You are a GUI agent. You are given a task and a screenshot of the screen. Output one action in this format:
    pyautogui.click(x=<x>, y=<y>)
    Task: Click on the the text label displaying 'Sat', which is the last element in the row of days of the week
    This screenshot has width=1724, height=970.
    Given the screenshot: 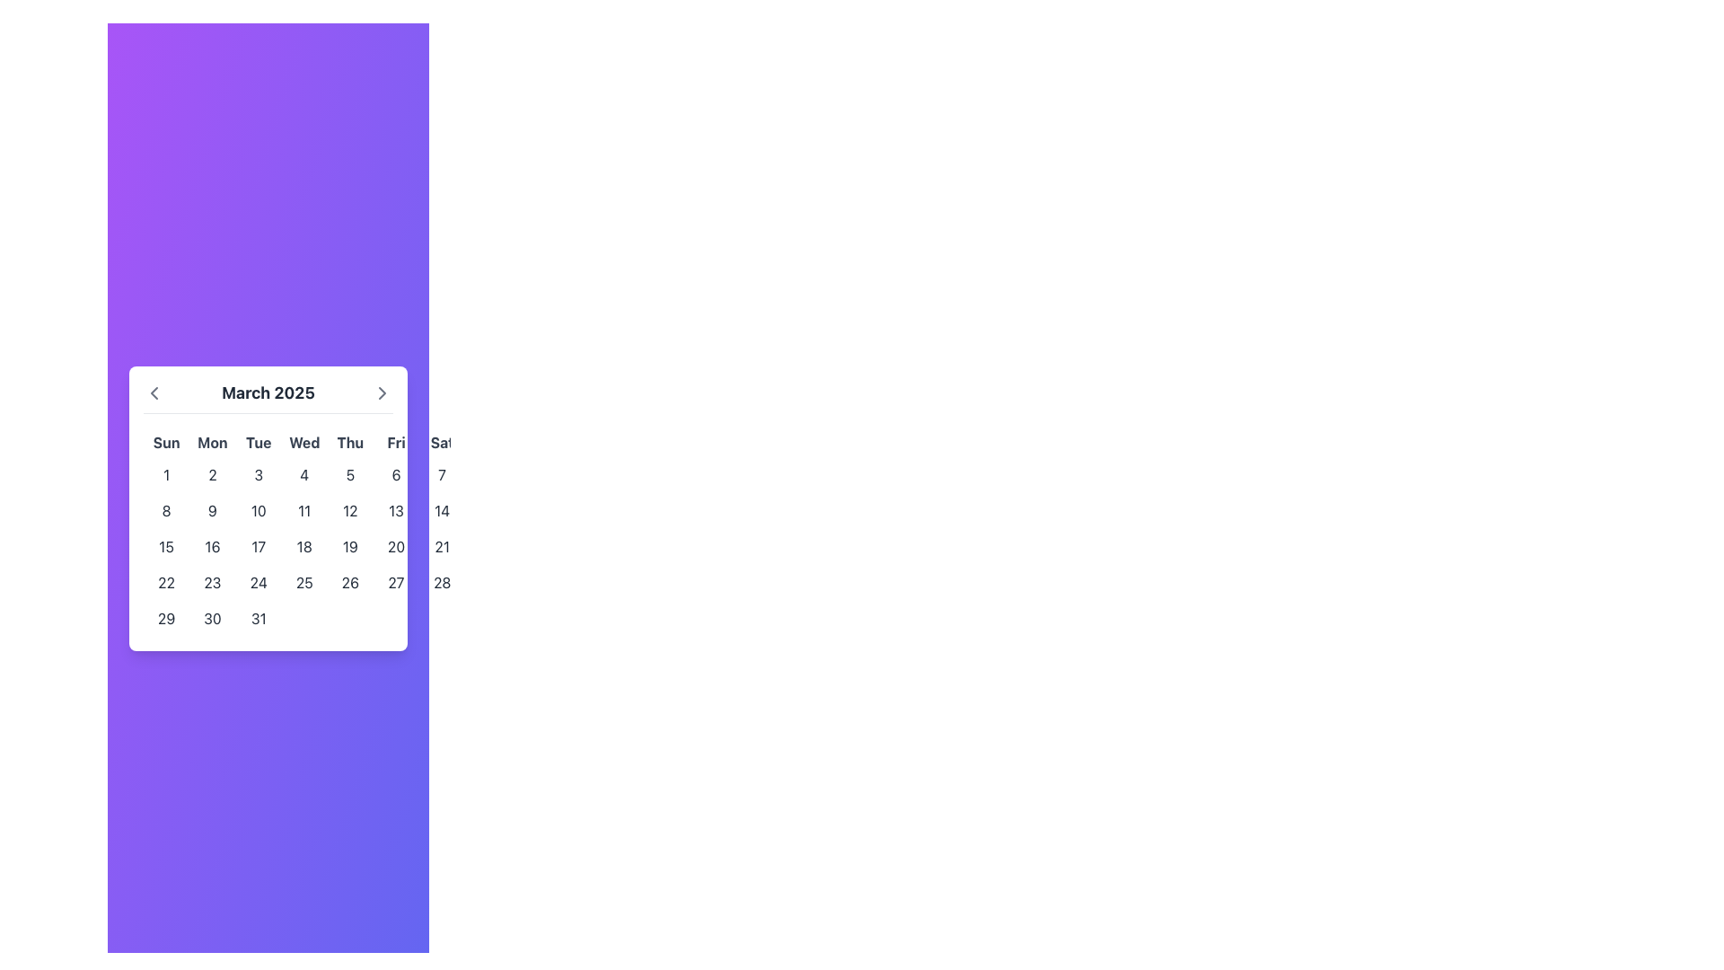 What is the action you would take?
    pyautogui.click(x=442, y=442)
    